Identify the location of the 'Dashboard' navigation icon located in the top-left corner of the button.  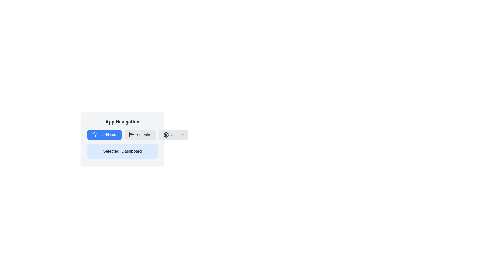
(94, 134).